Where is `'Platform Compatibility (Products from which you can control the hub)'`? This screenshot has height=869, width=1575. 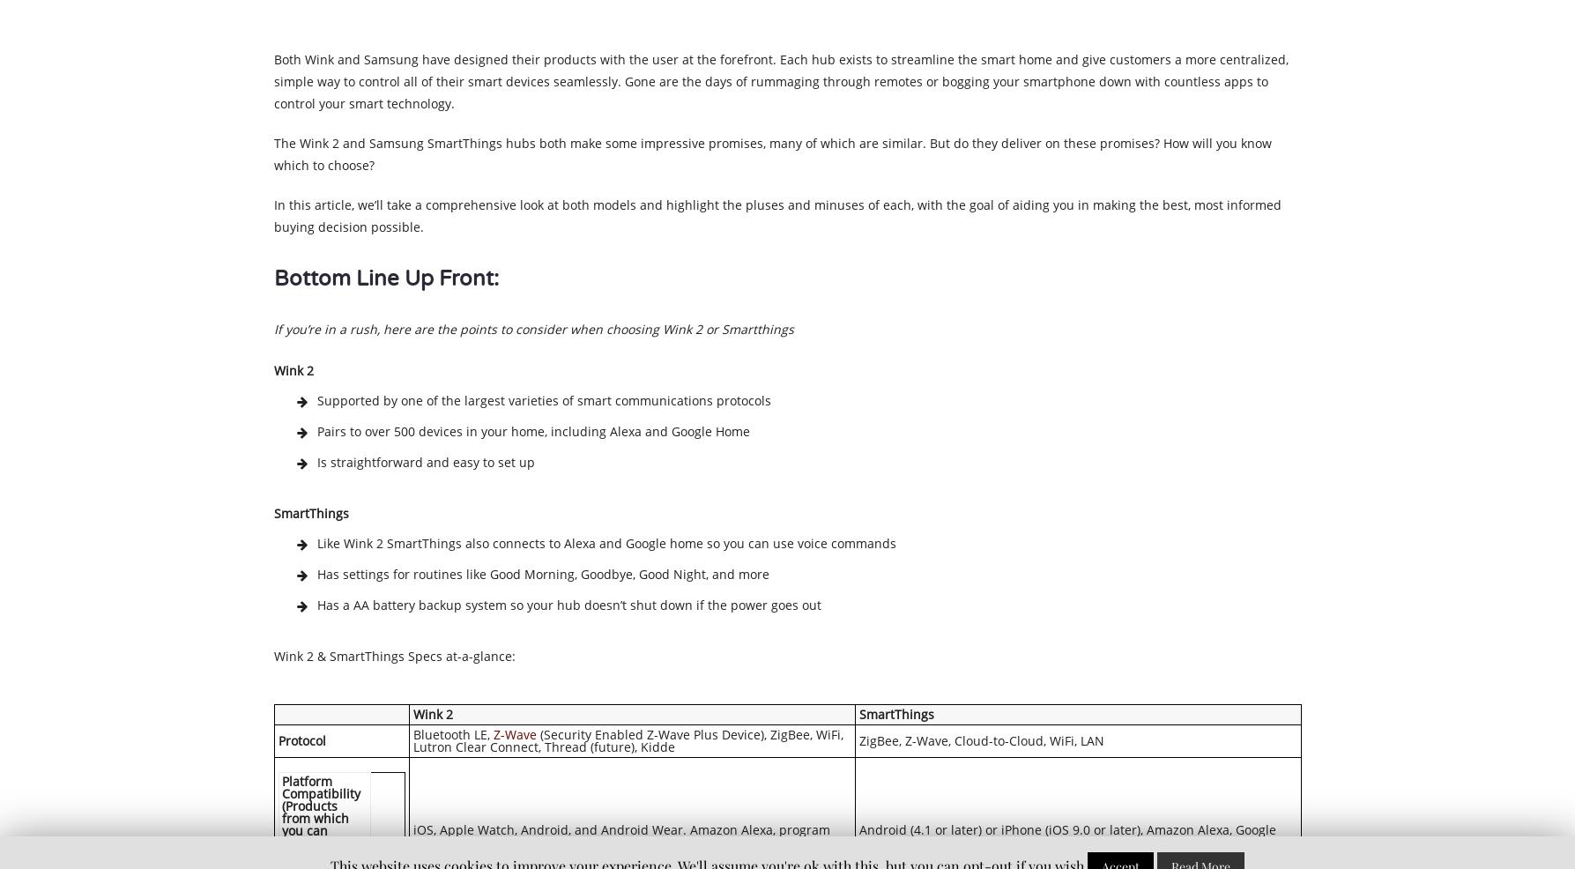 'Platform Compatibility (Products from which you can control the hub)' is located at coordinates (320, 817).